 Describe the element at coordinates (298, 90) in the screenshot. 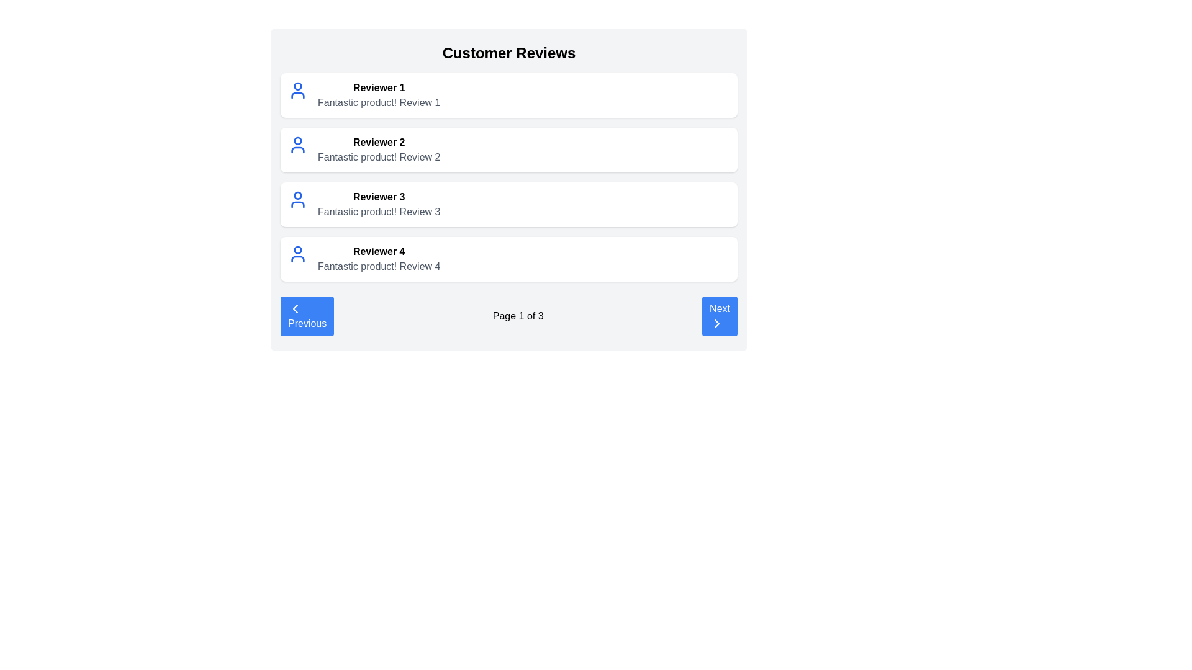

I see `the Decorative Icon located to the left of 'Reviewer 1' in the topmost review tile, which serves as a visual representation without interactive functionality` at that location.